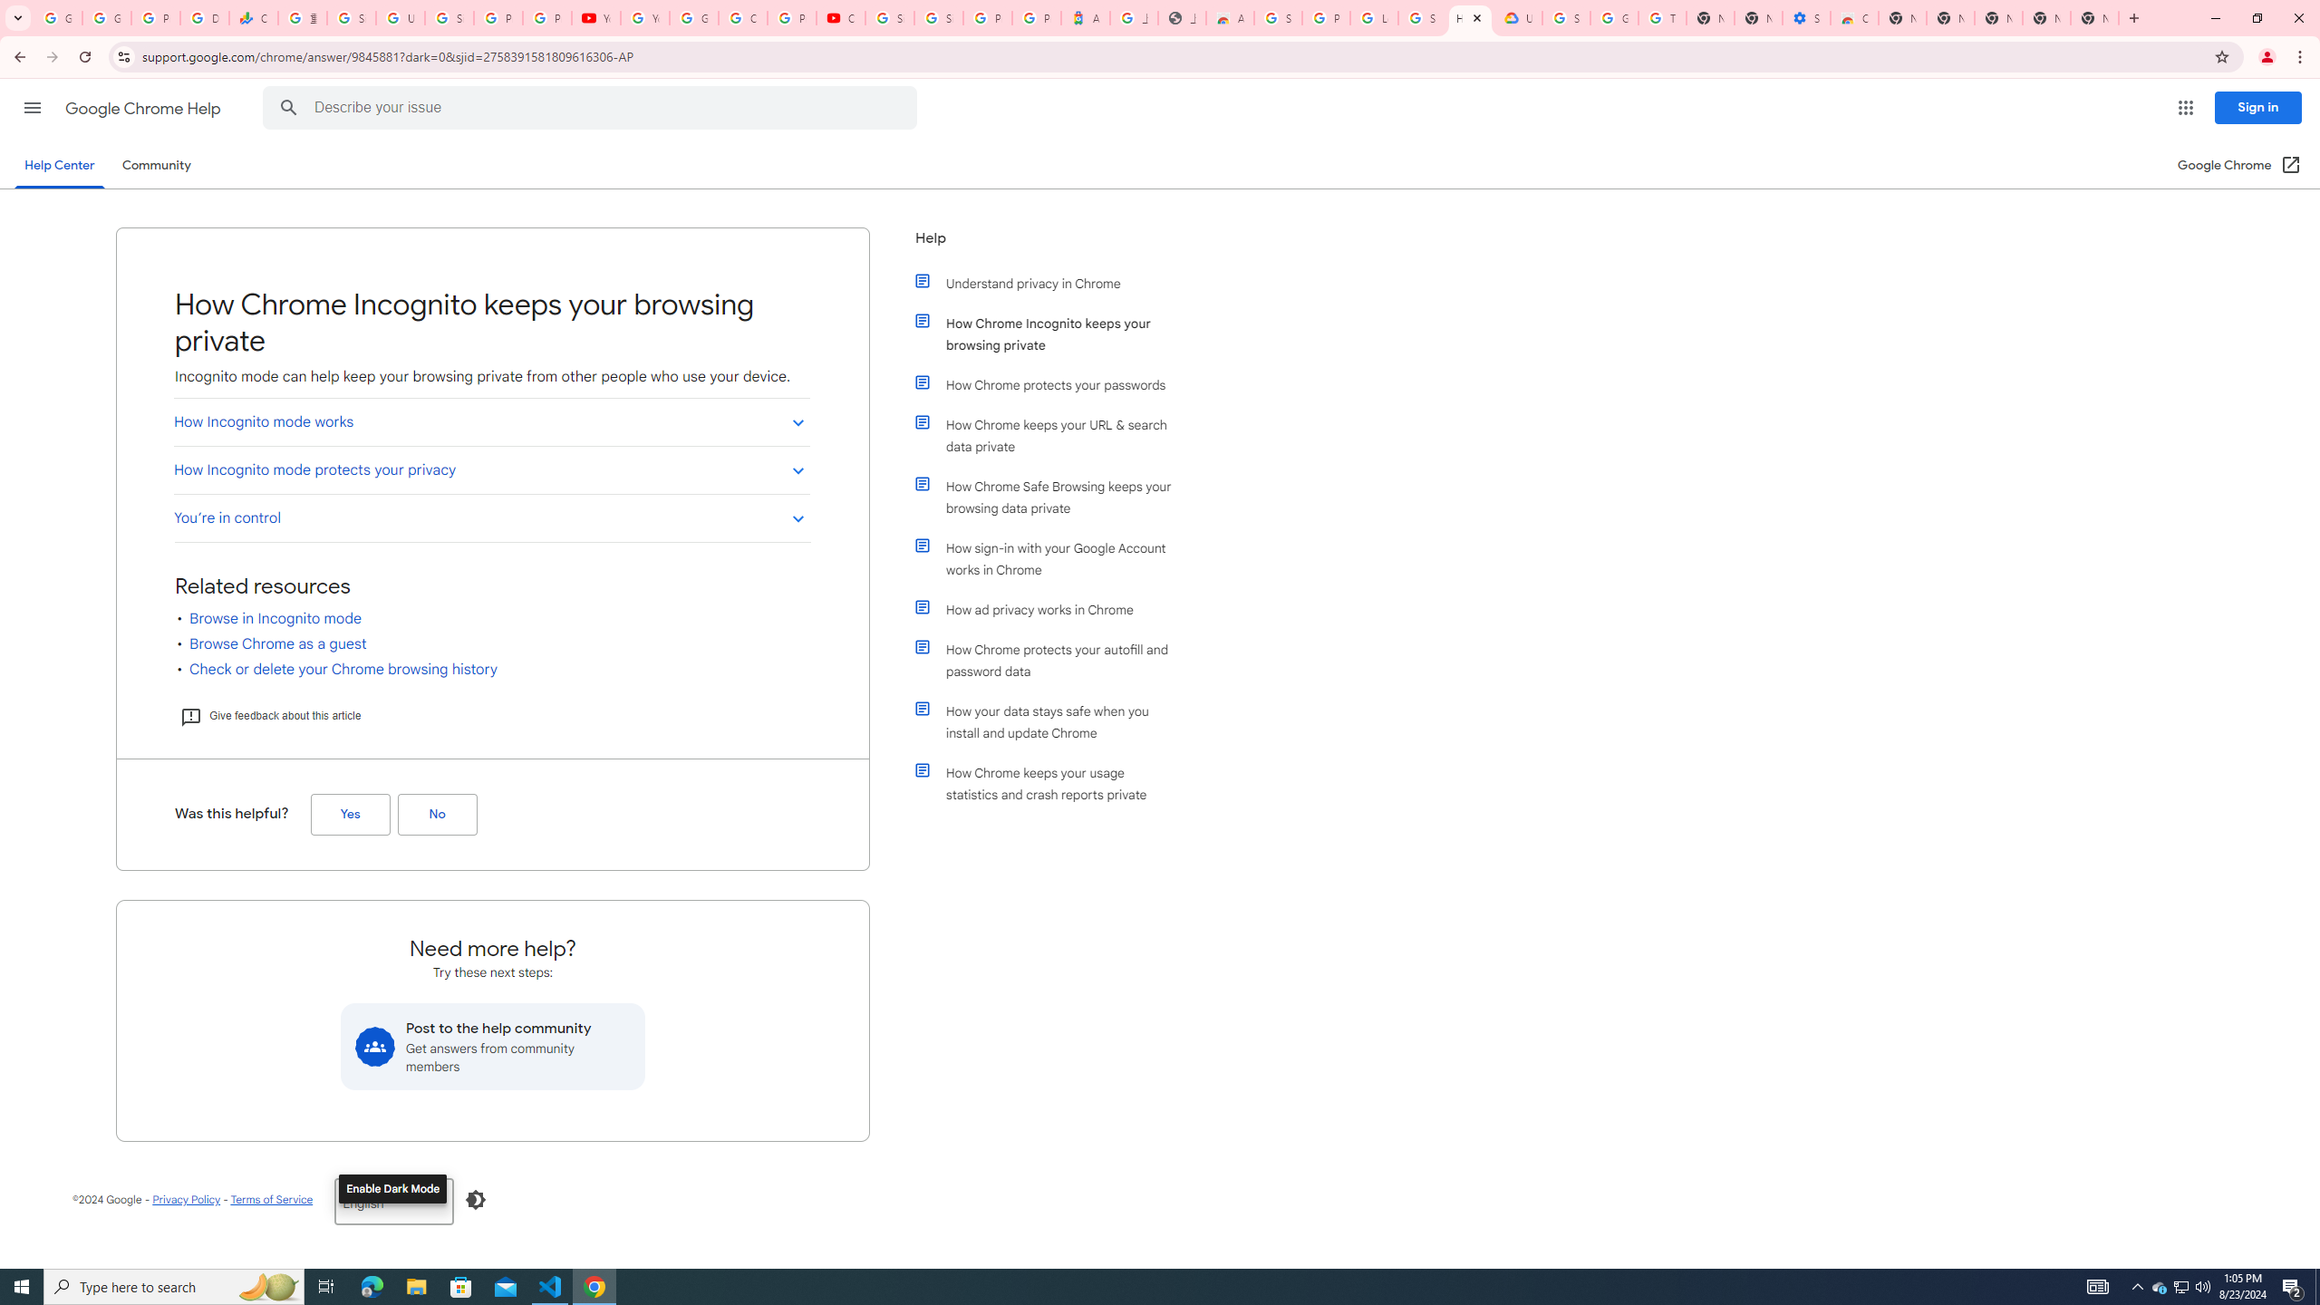  What do you see at coordinates (1053, 660) in the screenshot?
I see `'How Chrome protects your autofill and password data'` at bounding box center [1053, 660].